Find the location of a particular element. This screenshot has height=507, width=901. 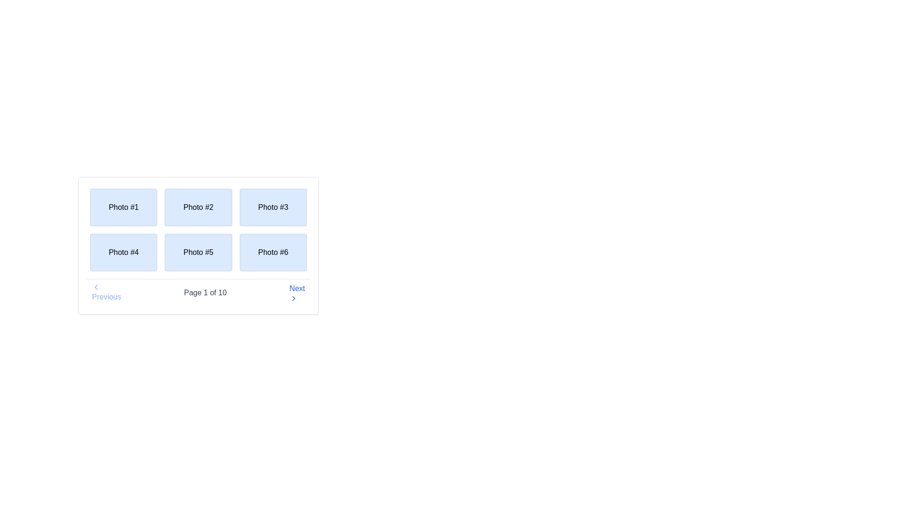

the 'Previous' button, which is a blue text button with a left-facing chevron icon, located on the left side of the navigation bar is located at coordinates (107, 292).